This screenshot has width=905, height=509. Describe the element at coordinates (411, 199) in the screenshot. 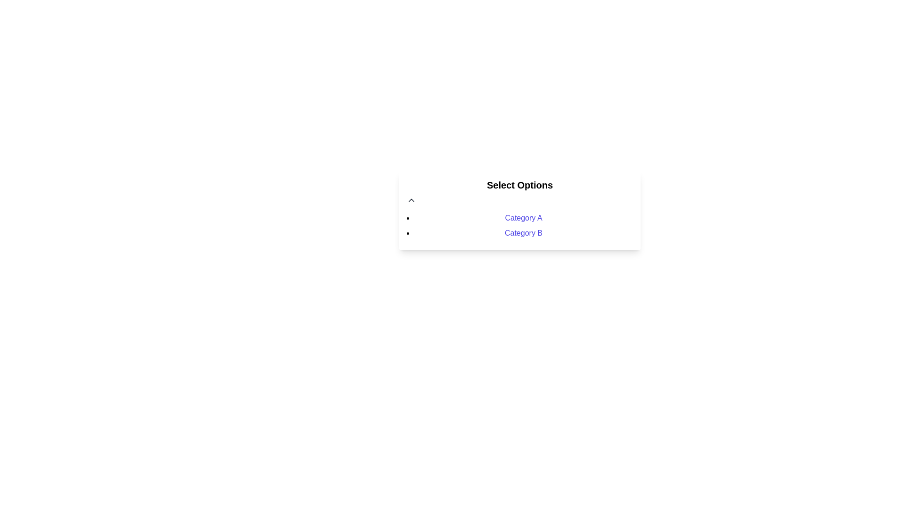

I see `the toggle button located at the top-left corner of the 'Select Options' section` at that location.